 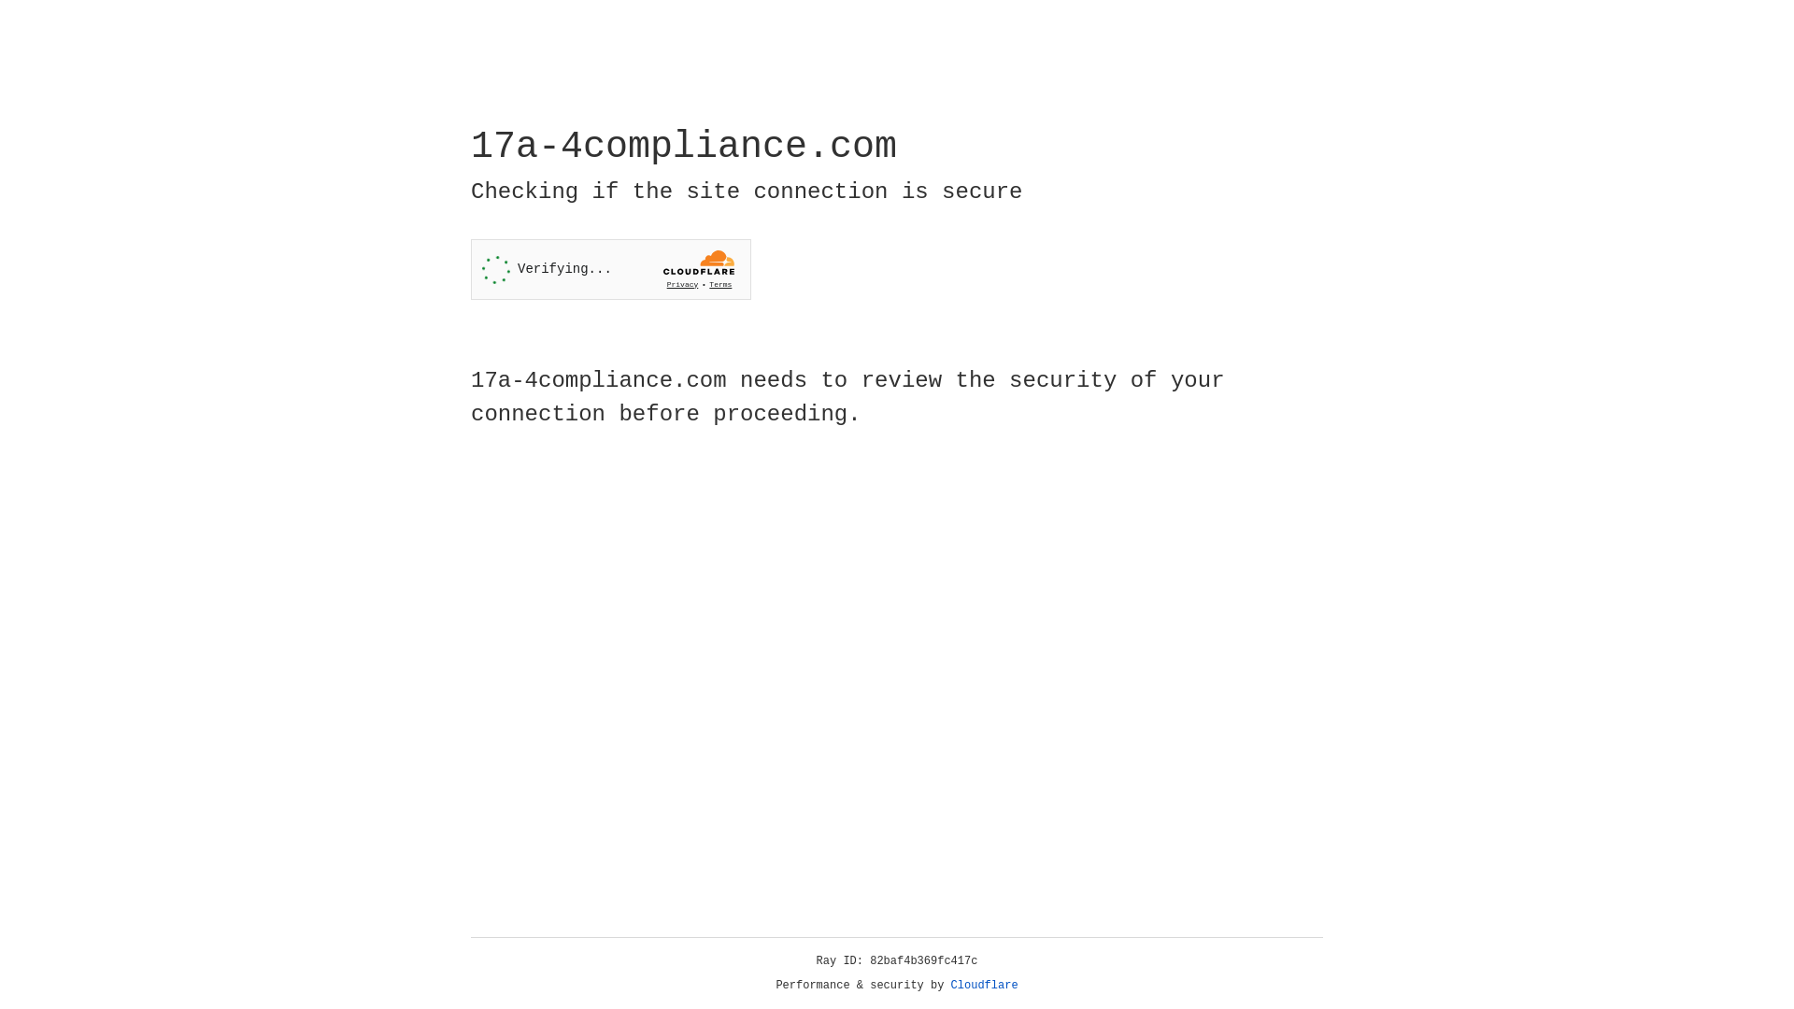 I want to click on 'Widget containing a Cloudflare security challenge', so click(x=610, y=269).